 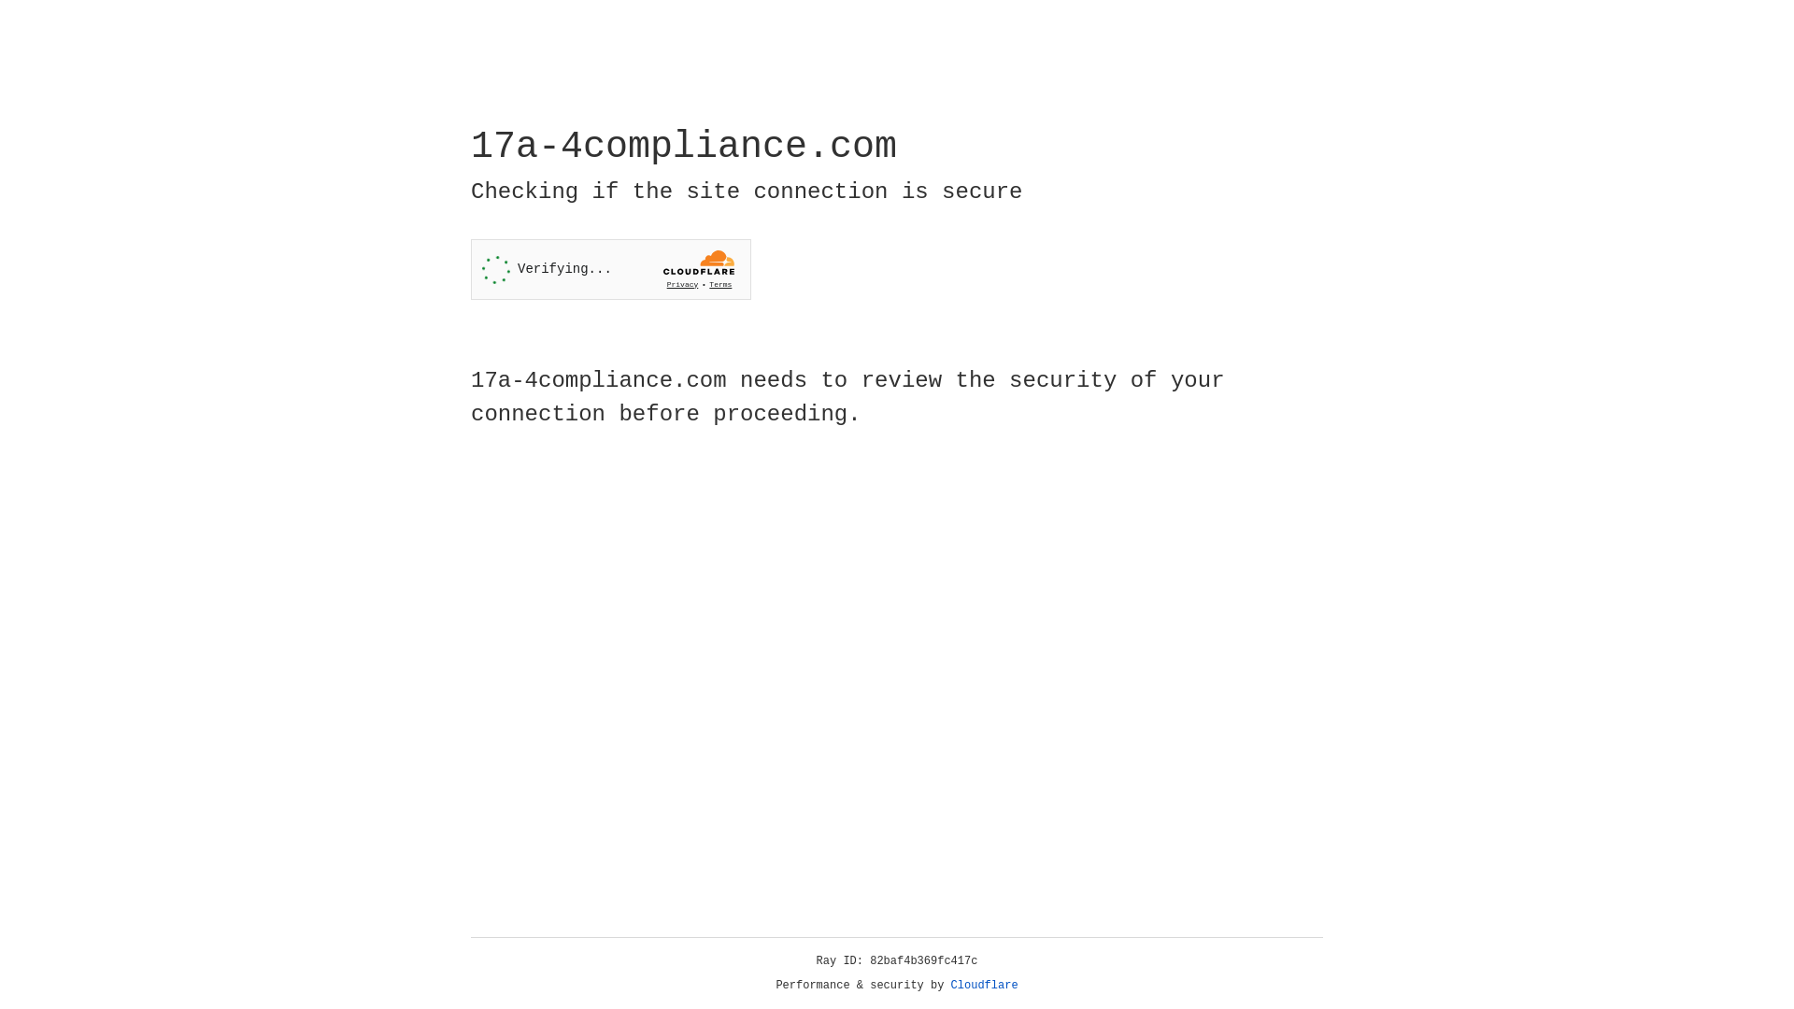 I want to click on 'Widget containing a Cloudflare security challenge', so click(x=610, y=269).